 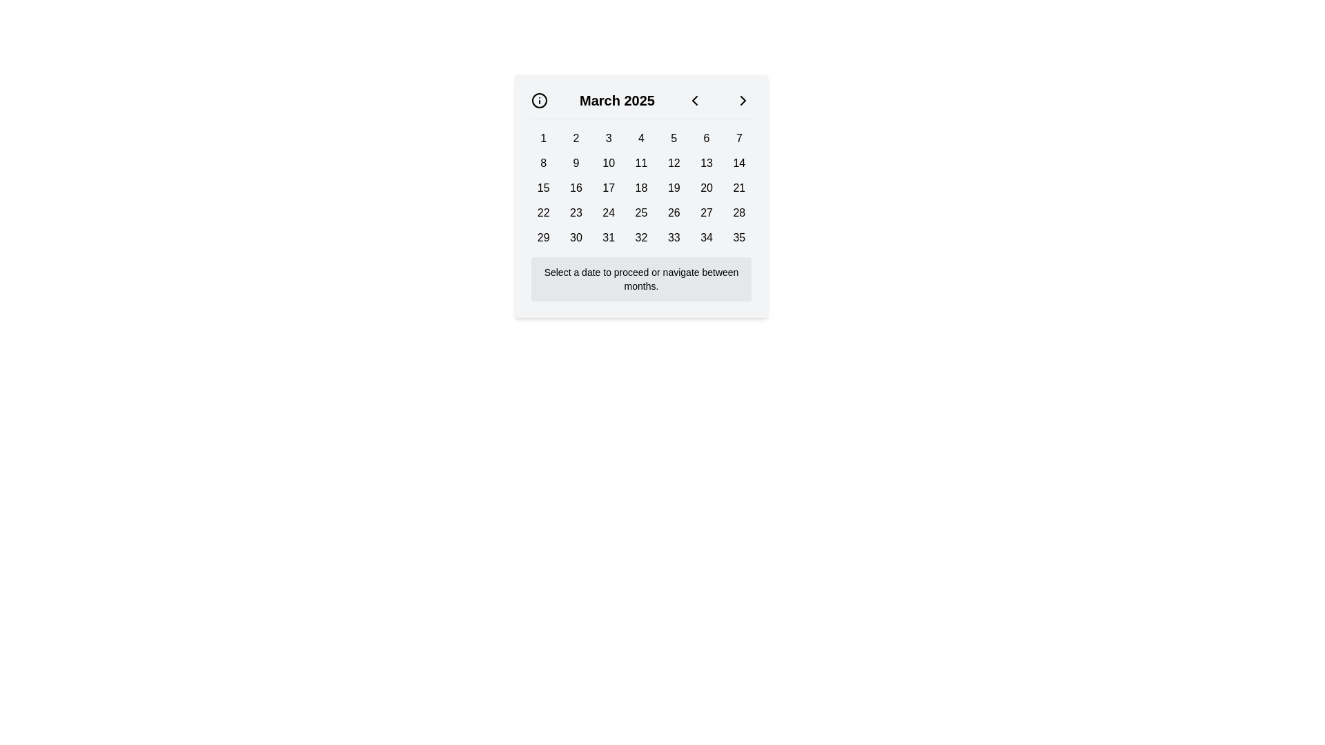 What do you see at coordinates (707, 188) in the screenshot?
I see `the button labeled '20' in the third row and sixth column of the calendar grid` at bounding box center [707, 188].